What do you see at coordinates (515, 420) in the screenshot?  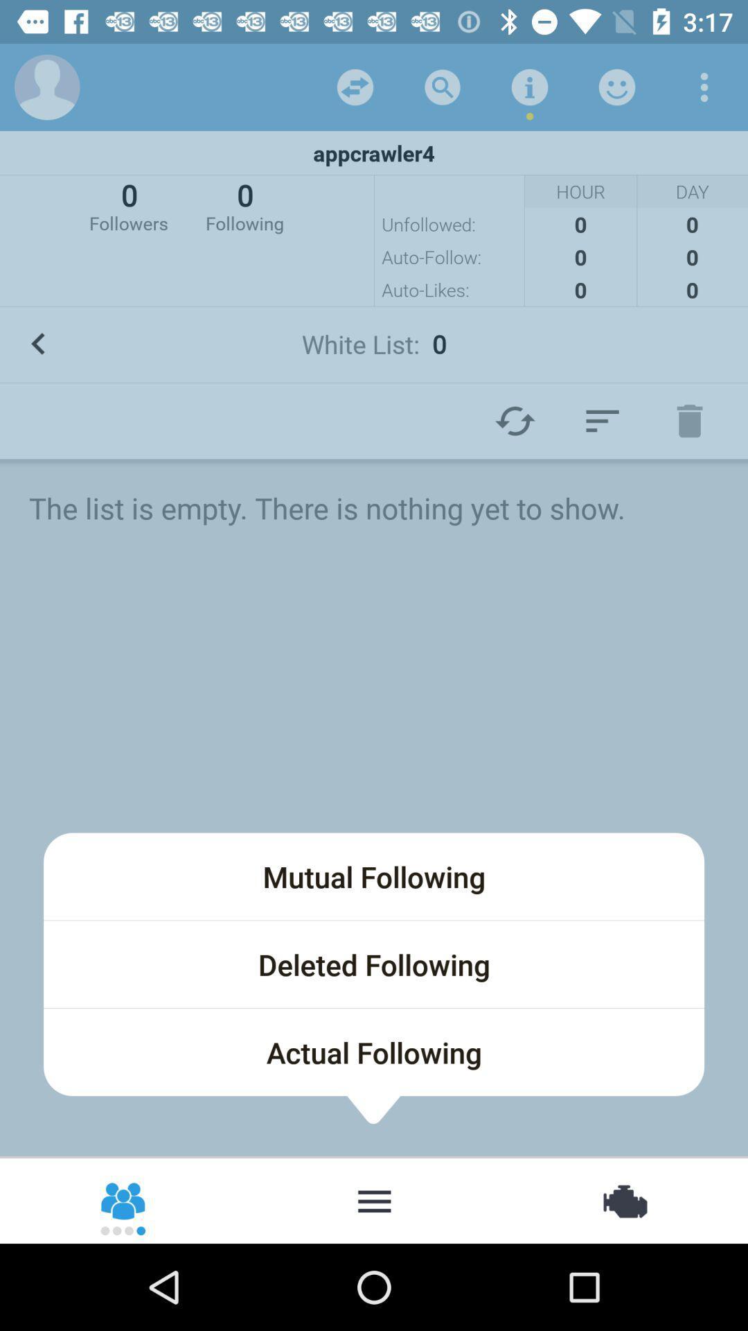 I see `the refresh icon` at bounding box center [515, 420].